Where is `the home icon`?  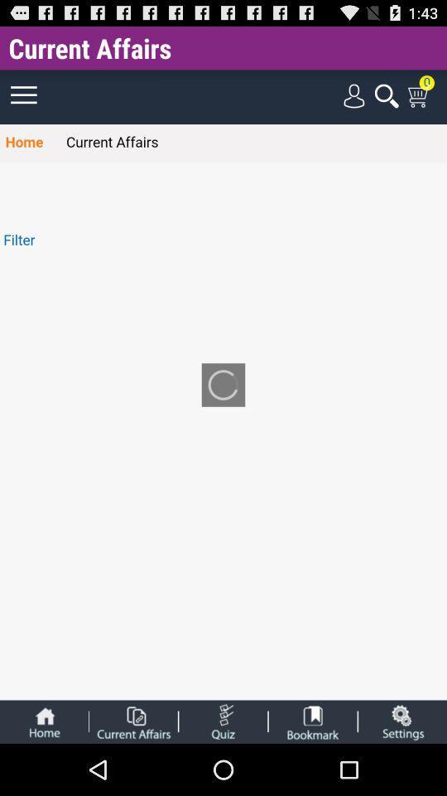 the home icon is located at coordinates (44, 772).